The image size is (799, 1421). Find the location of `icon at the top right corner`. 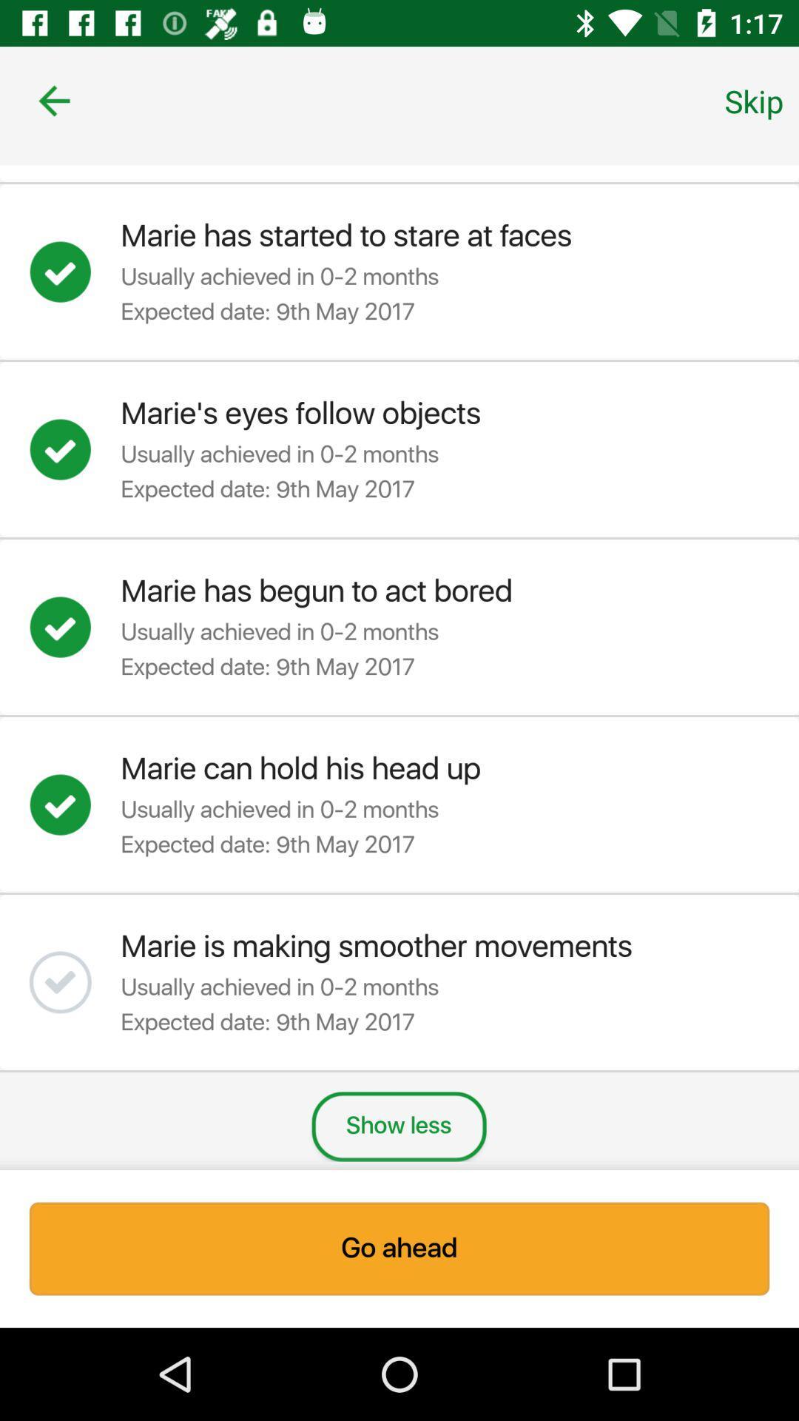

icon at the top right corner is located at coordinates (754, 100).